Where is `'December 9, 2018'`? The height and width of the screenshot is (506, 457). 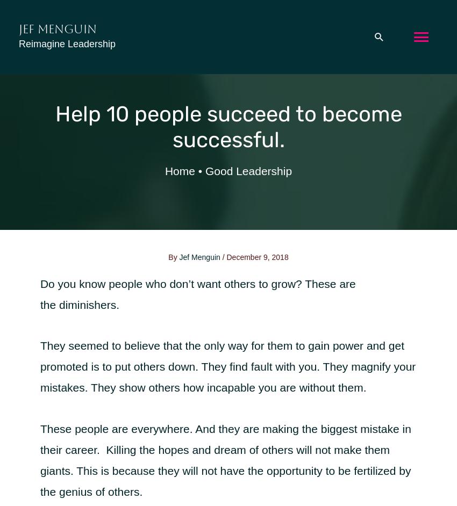
'December 9, 2018' is located at coordinates (257, 257).